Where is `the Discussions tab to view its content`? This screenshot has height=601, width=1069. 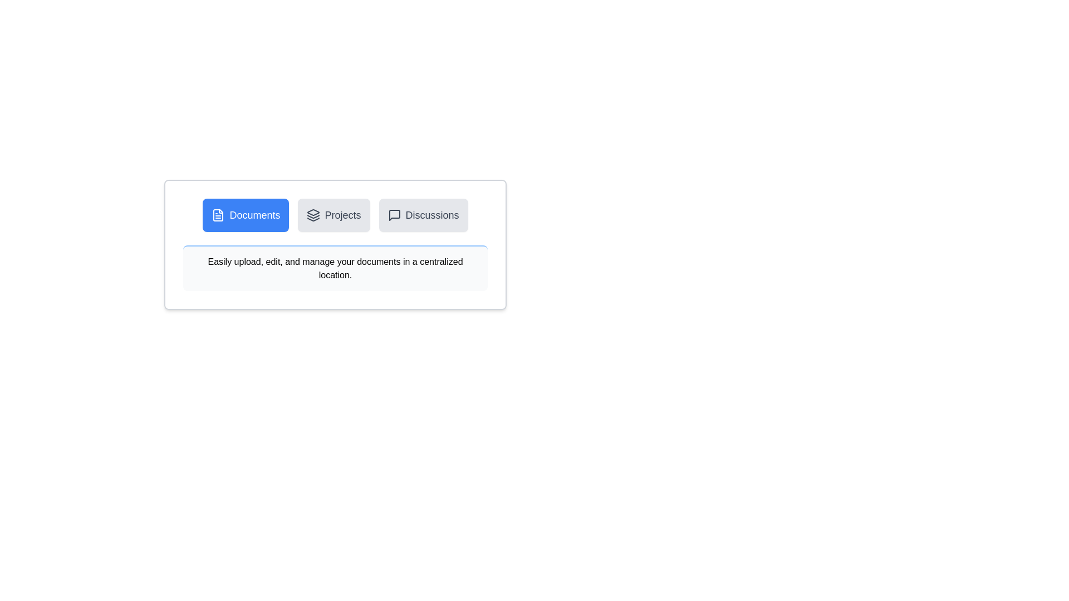
the Discussions tab to view its content is located at coordinates (423, 215).